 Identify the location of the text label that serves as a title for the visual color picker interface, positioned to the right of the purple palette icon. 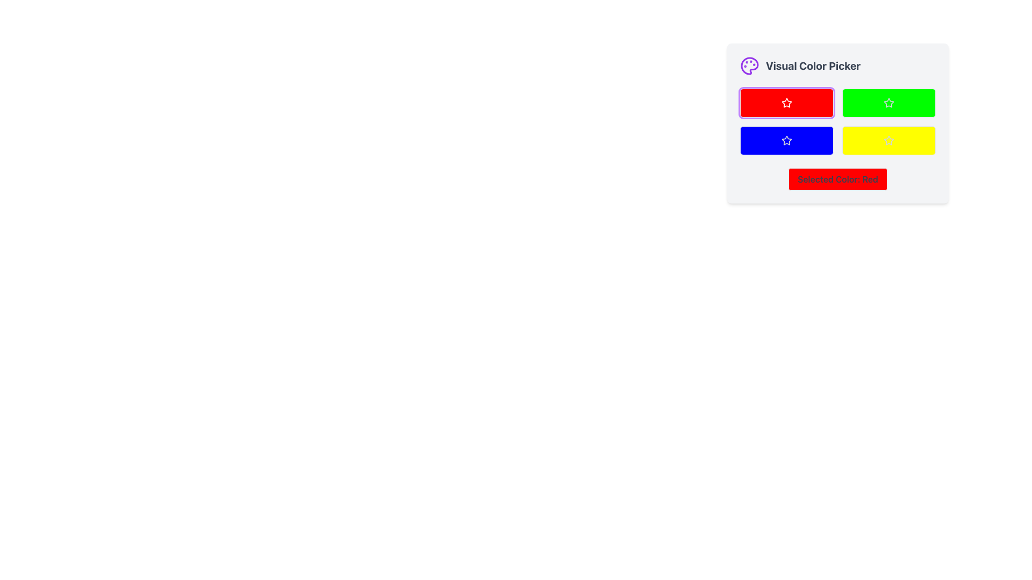
(813, 66).